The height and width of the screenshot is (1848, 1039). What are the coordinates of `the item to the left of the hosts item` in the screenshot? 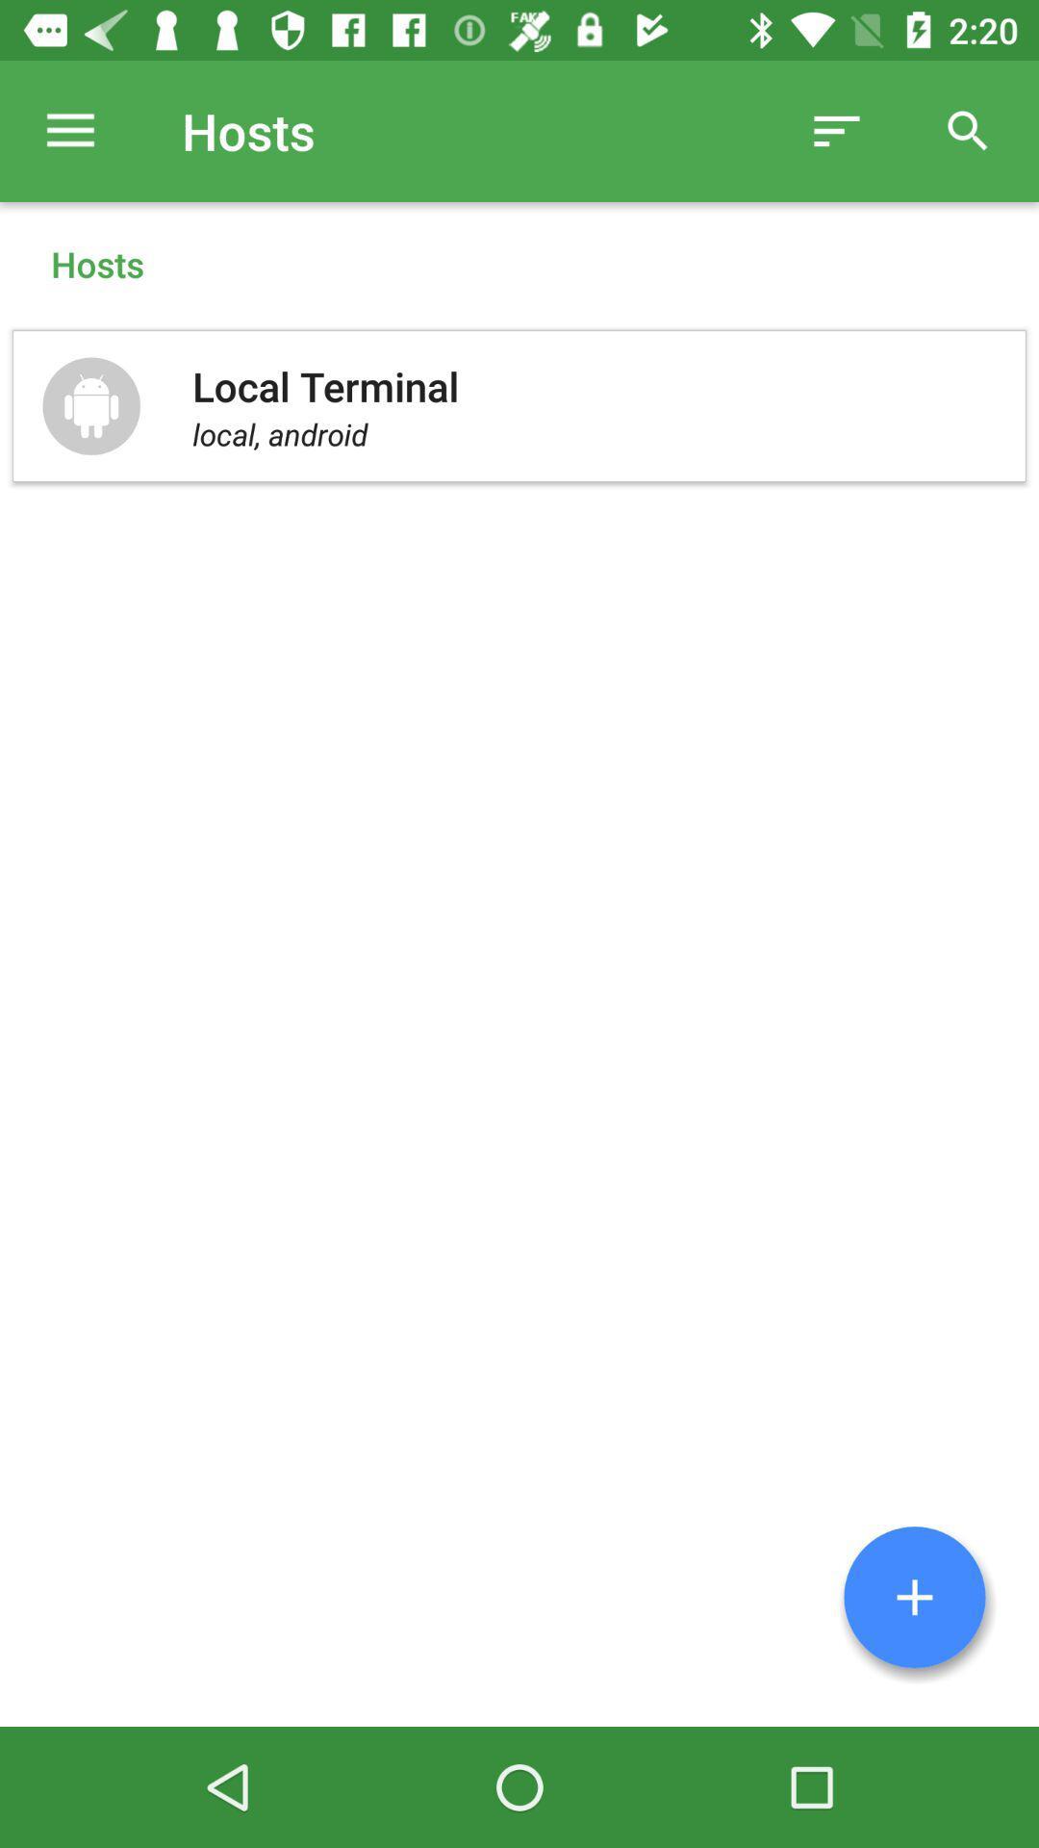 It's located at (69, 130).